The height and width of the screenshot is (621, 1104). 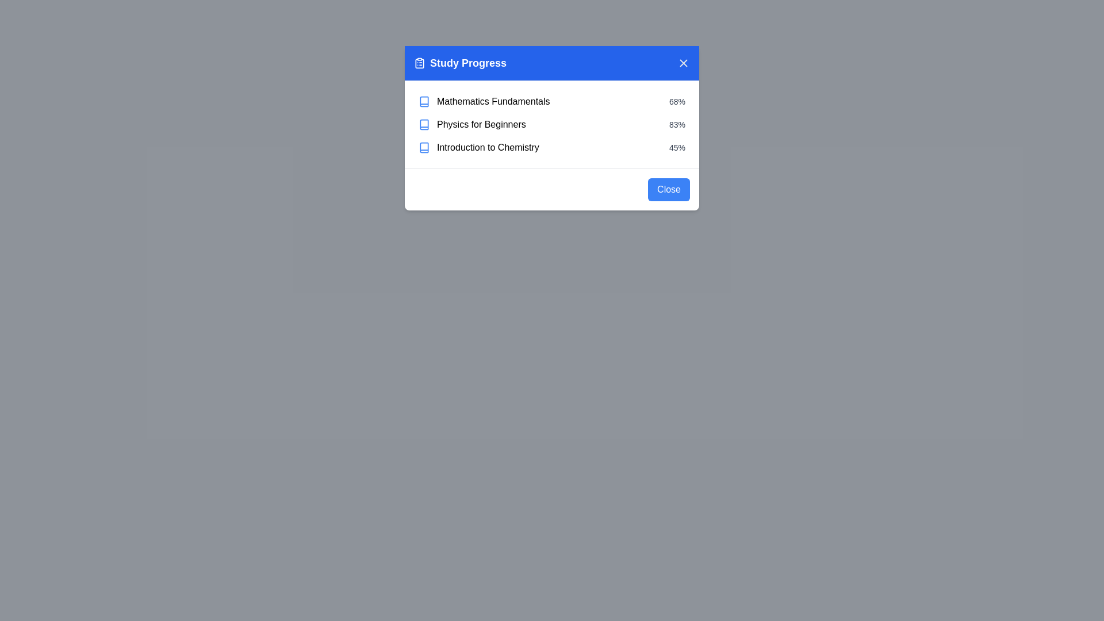 What do you see at coordinates (552, 147) in the screenshot?
I see `the list item displaying the course 'Introduction to Chemistry' in the 'Study Progress' modal` at bounding box center [552, 147].